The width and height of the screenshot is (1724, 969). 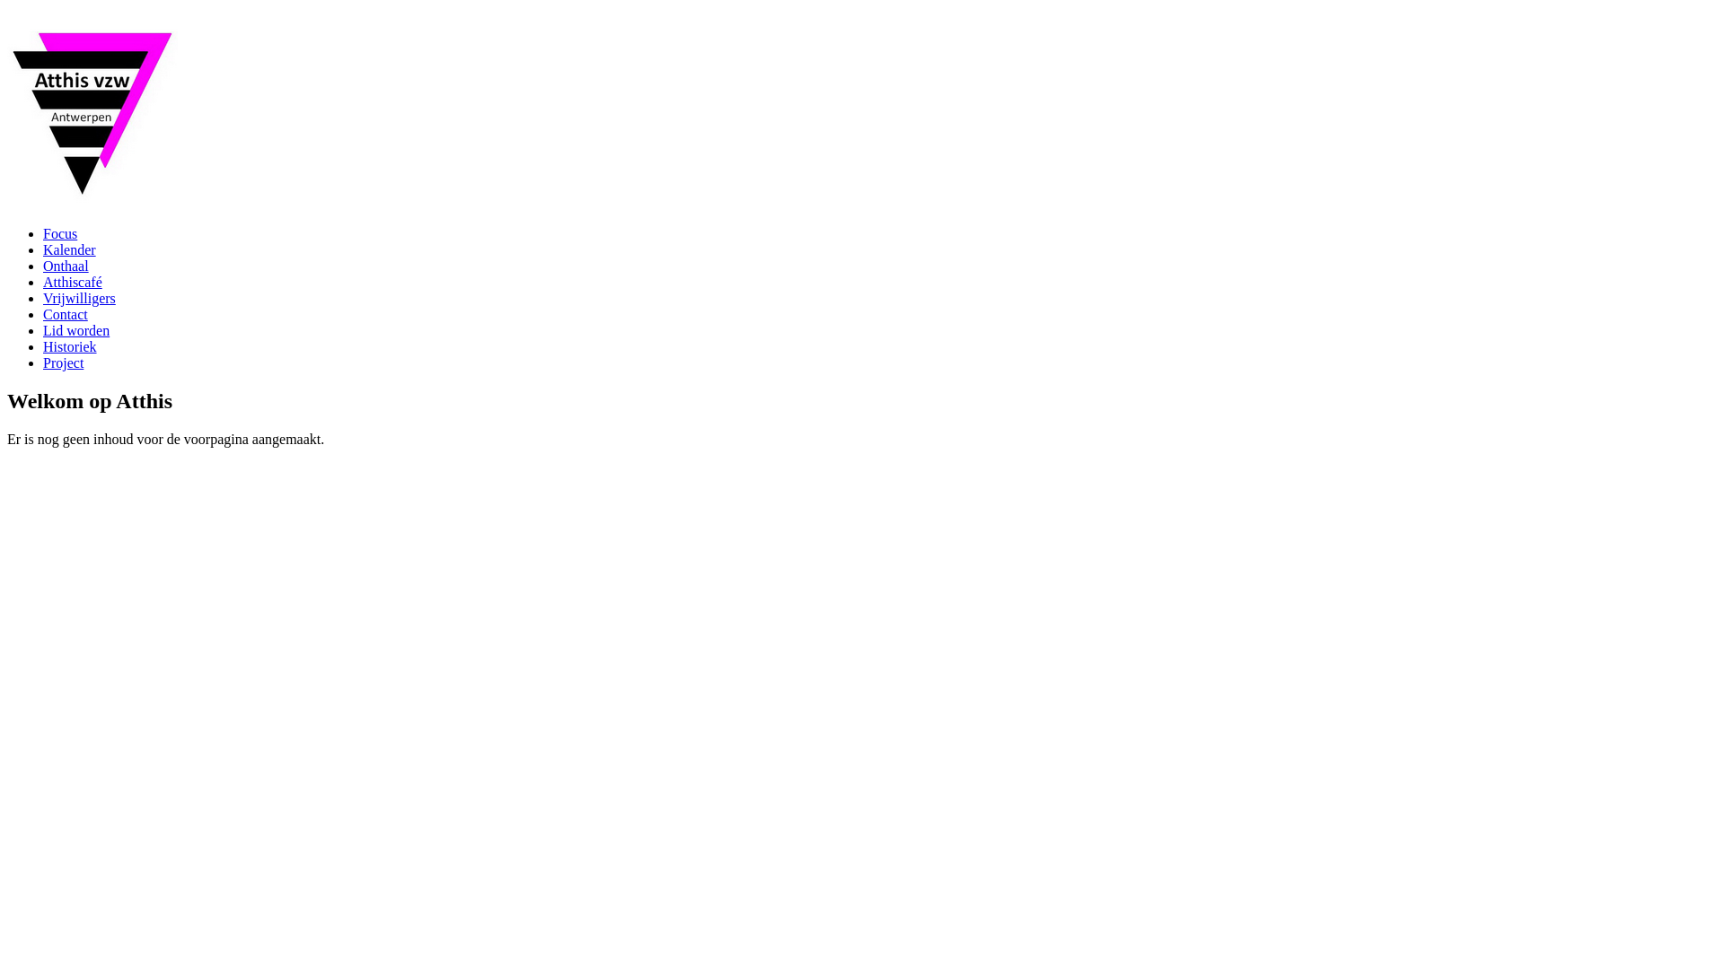 What do you see at coordinates (65, 313) in the screenshot?
I see `'Contact'` at bounding box center [65, 313].